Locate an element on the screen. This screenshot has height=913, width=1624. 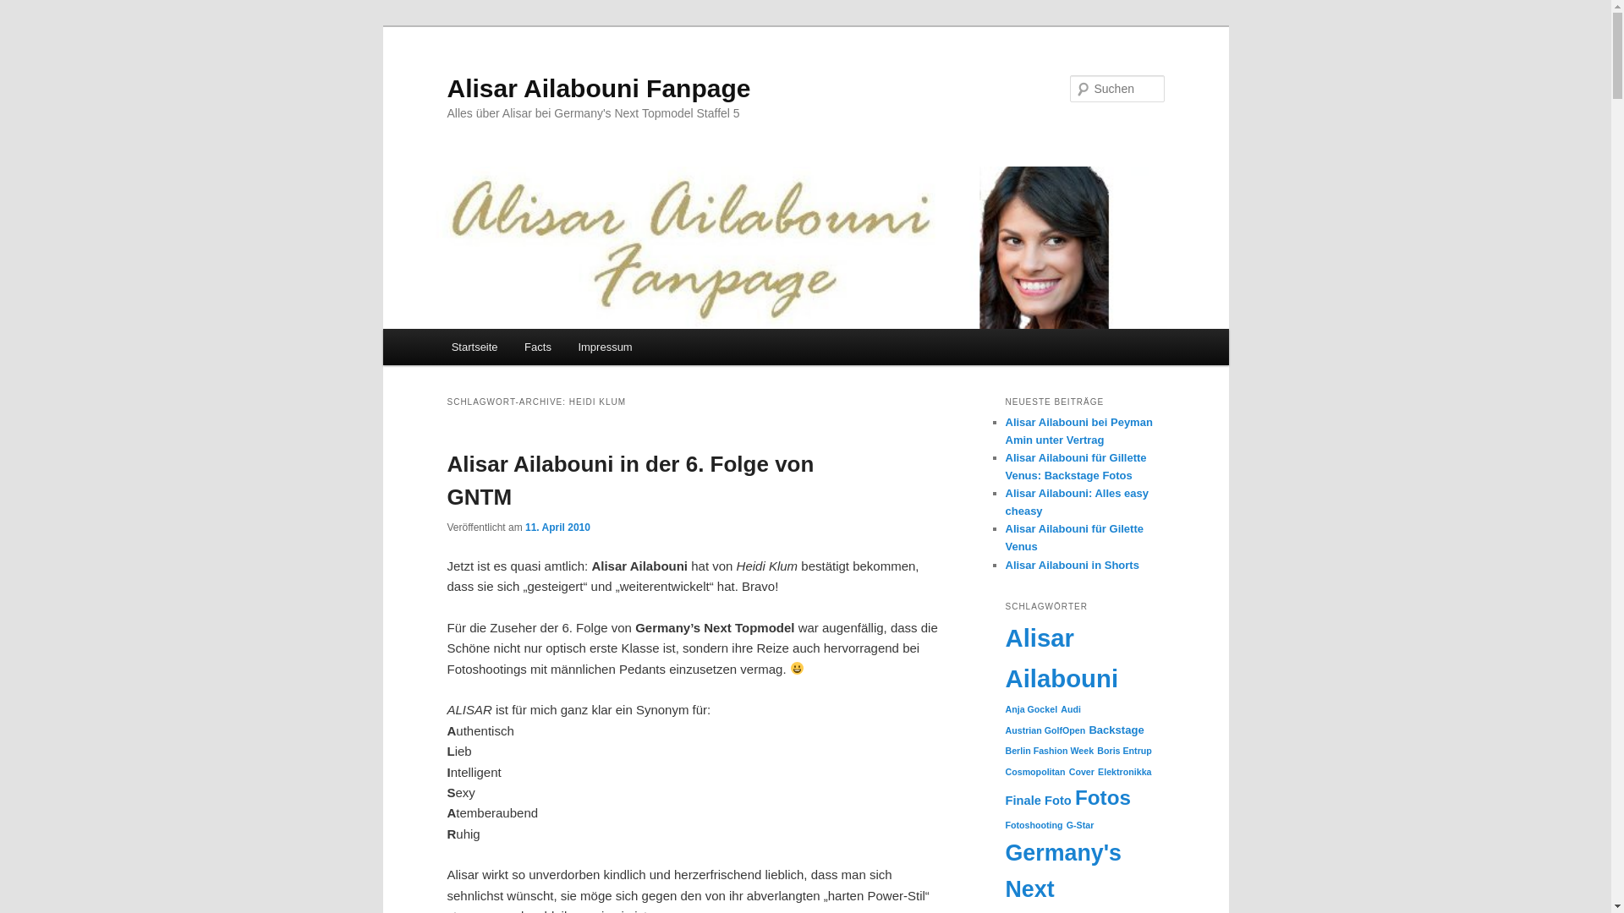
'Facts' is located at coordinates (536, 346).